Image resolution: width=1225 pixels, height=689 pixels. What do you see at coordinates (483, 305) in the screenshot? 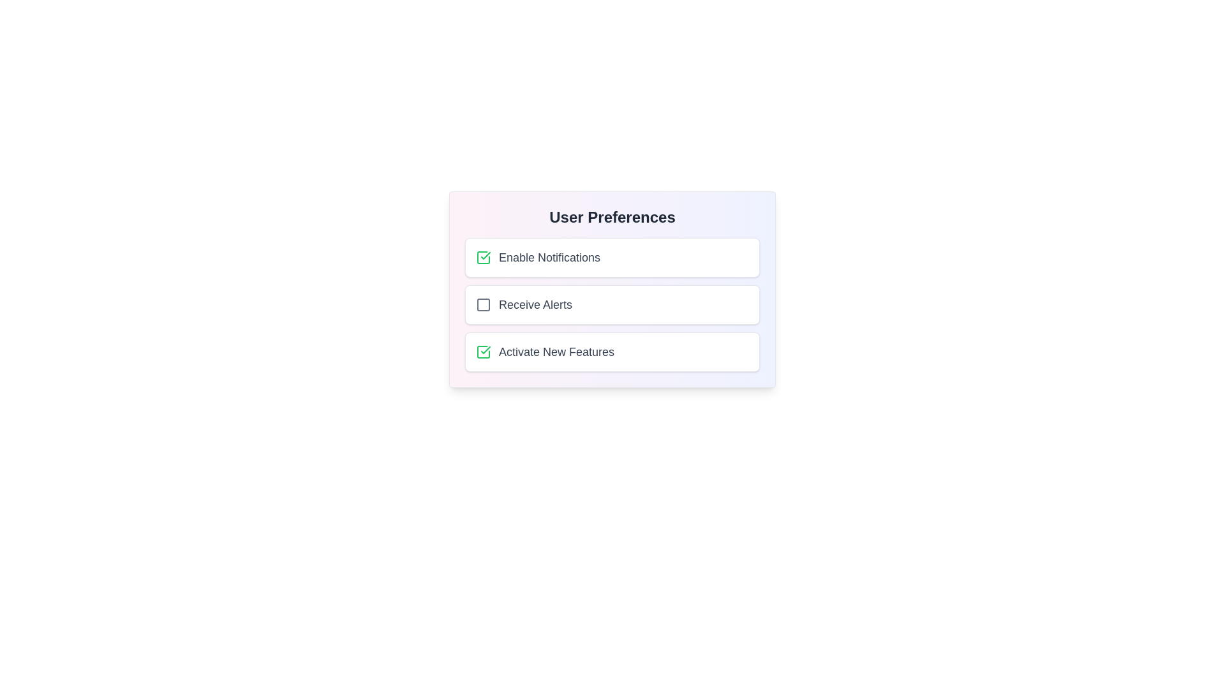
I see `the checkbox icon representing the 'Receive Alerts' option in the user preferences card, which is visually indicating the option's status` at bounding box center [483, 305].